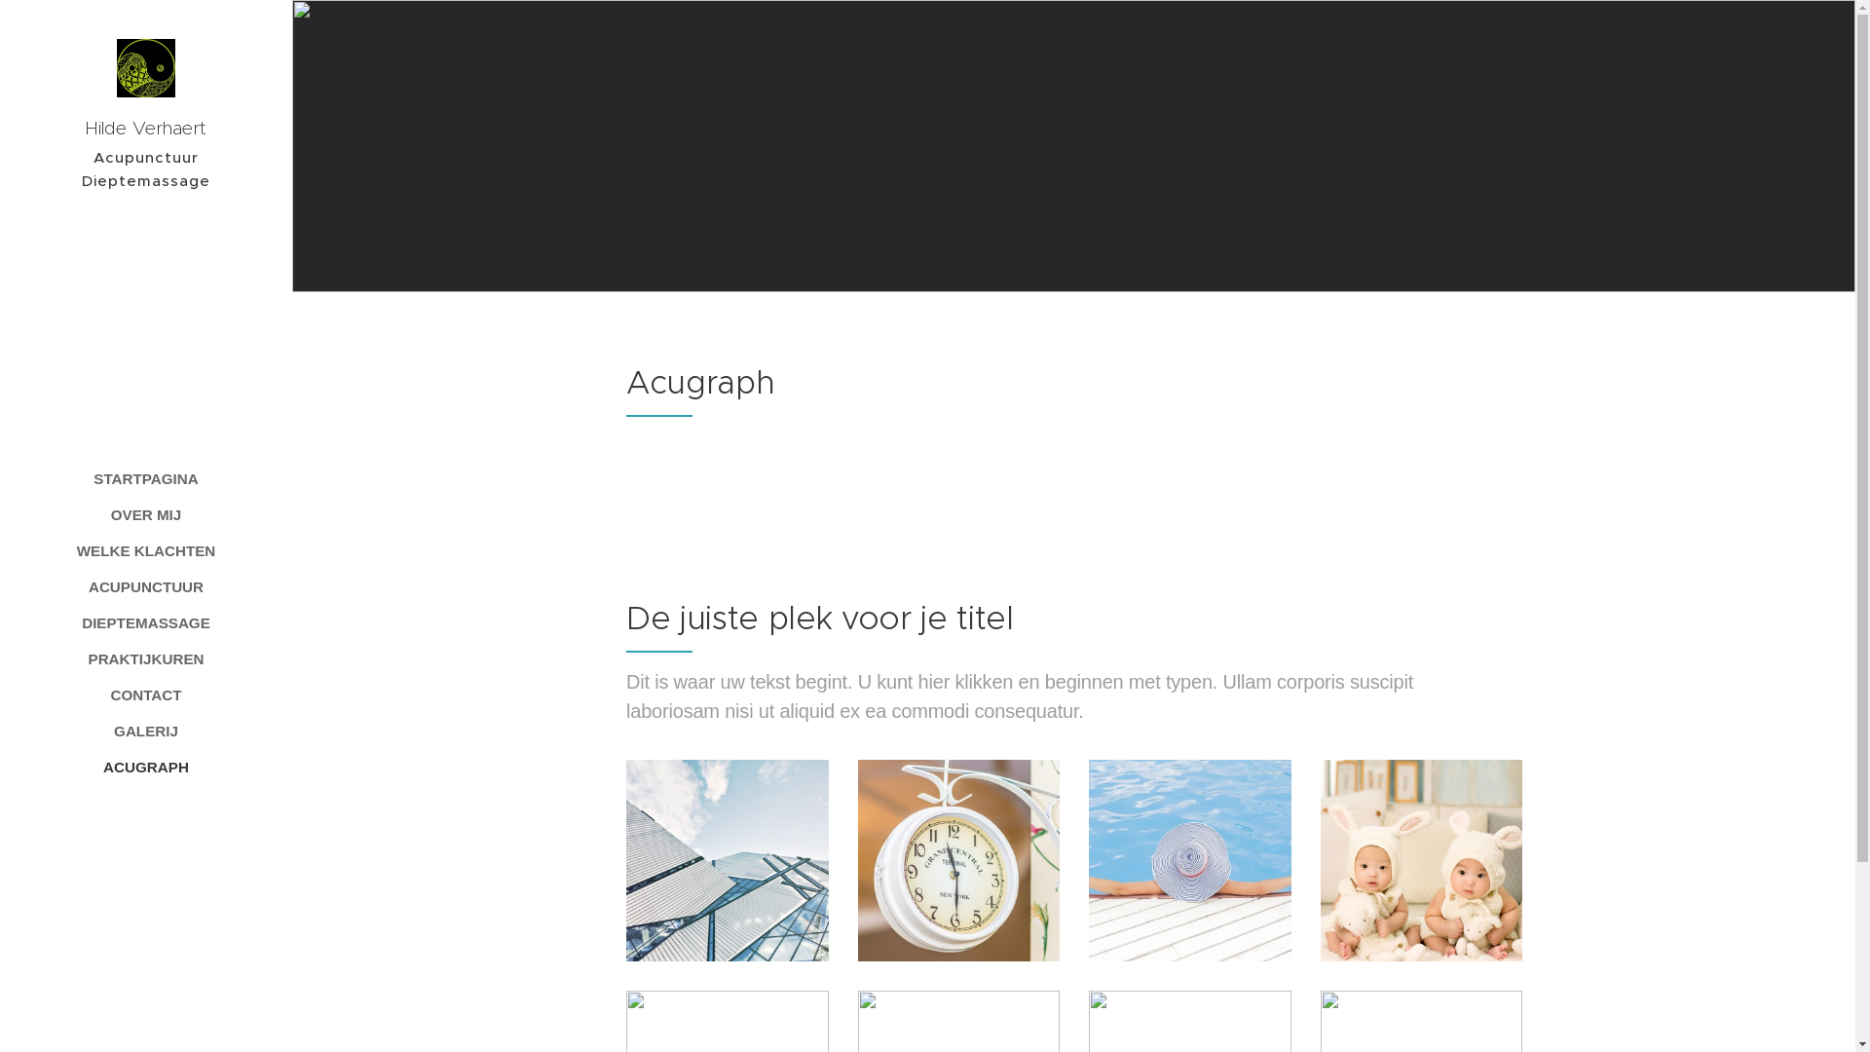  Describe the element at coordinates (144, 694) in the screenshot. I see `'CONTACT'` at that location.